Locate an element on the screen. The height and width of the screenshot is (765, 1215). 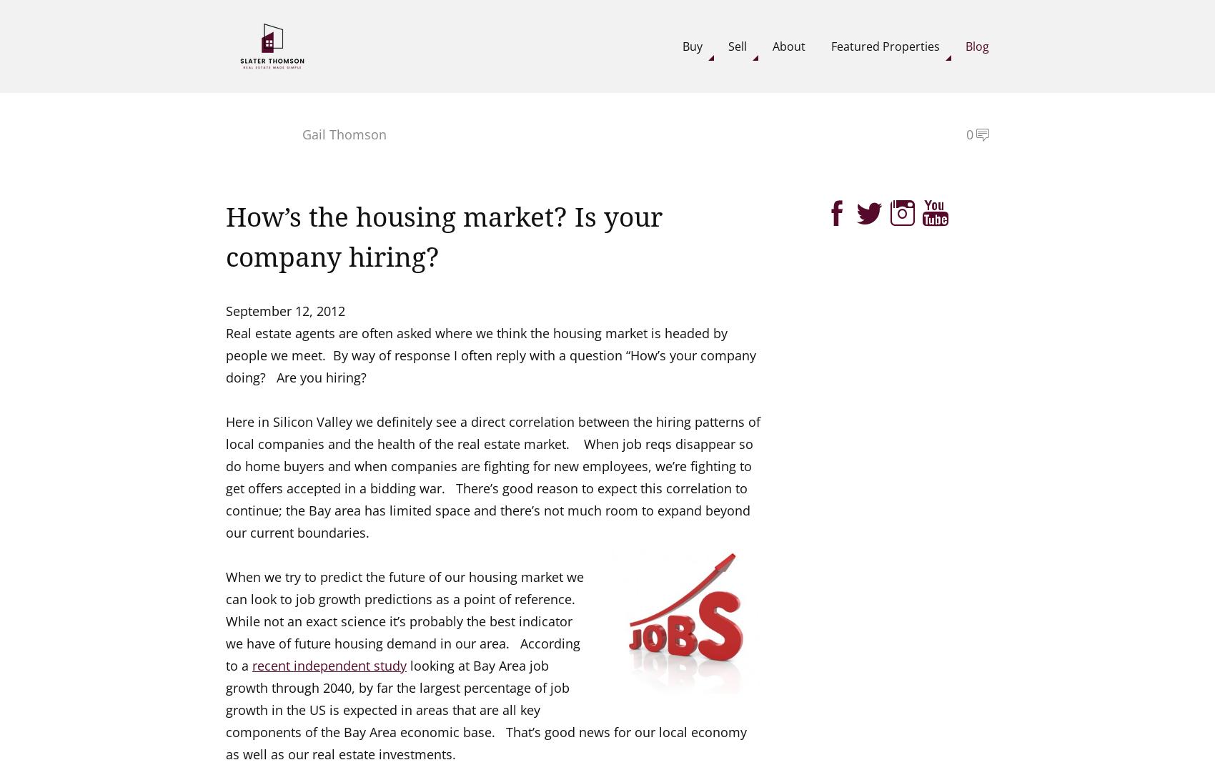
'0' is located at coordinates (969, 133).